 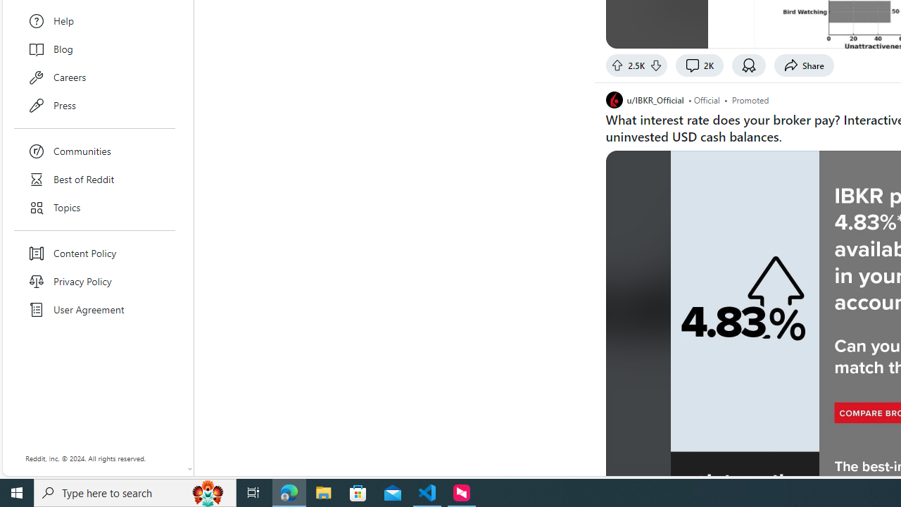 What do you see at coordinates (94, 178) in the screenshot?
I see `'Best of Reddit'` at bounding box center [94, 178].